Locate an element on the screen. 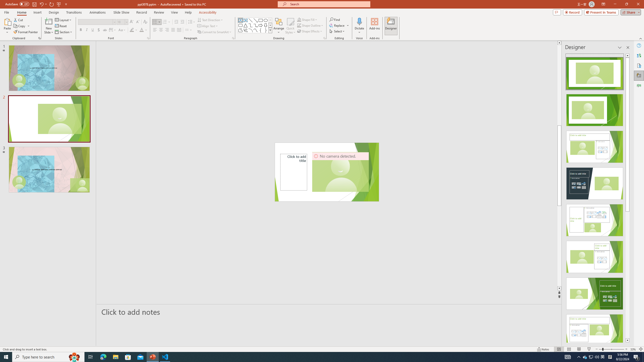 This screenshot has width=644, height=362. 'Animation Pane' is located at coordinates (639, 85).